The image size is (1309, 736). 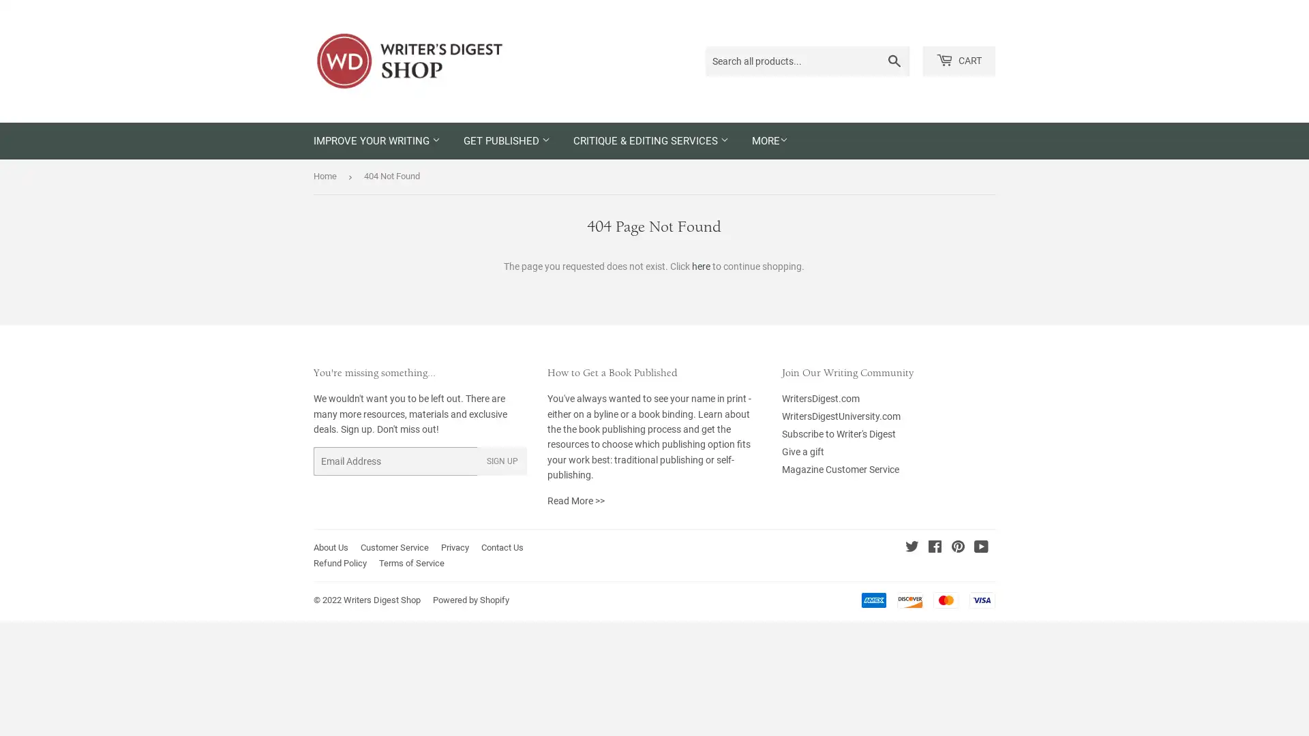 I want to click on Search, so click(x=894, y=60).